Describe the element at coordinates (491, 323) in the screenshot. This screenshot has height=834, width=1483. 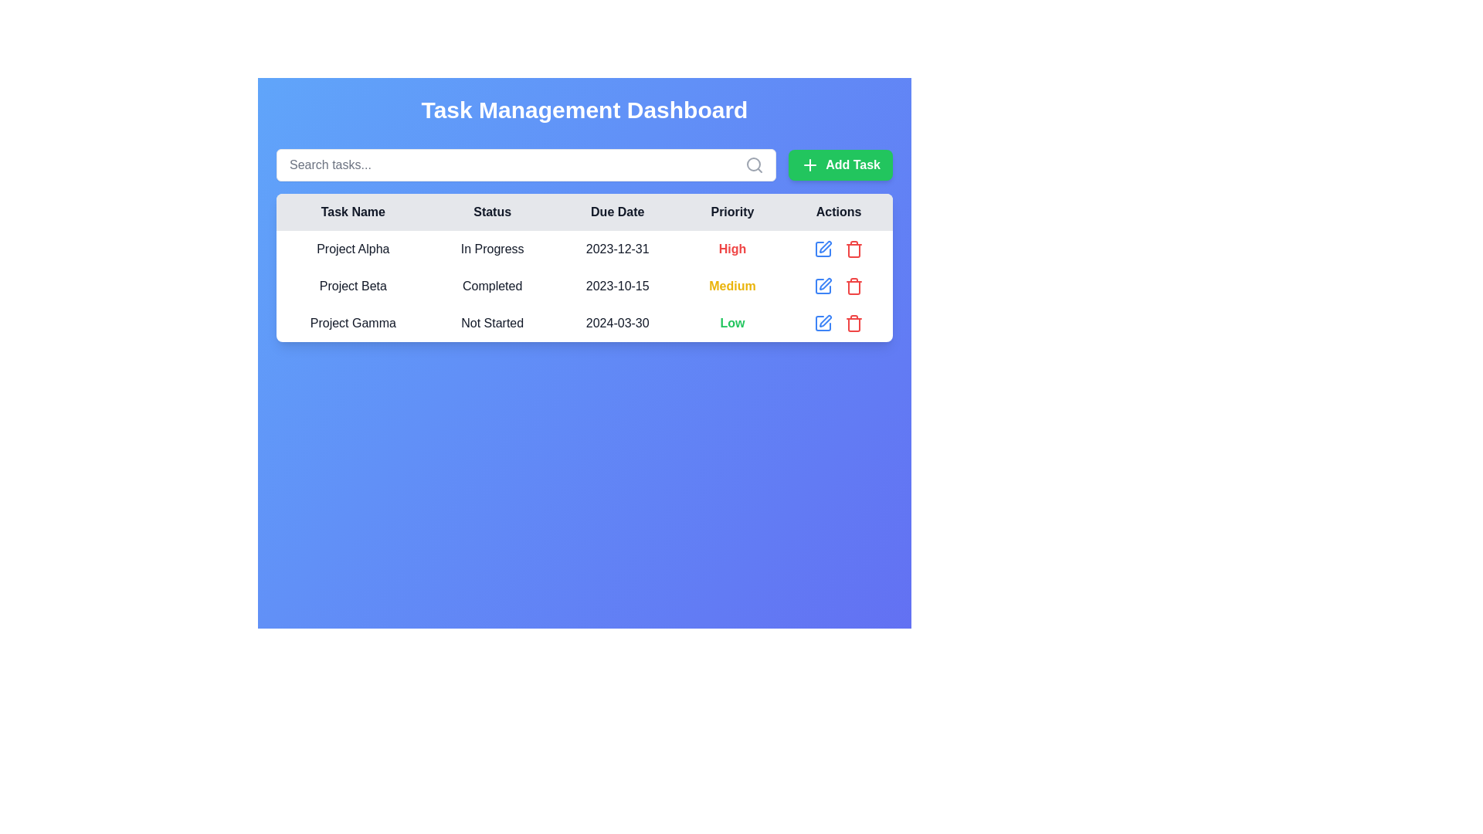
I see `the static text label indicating the status of 'Project Gamma', located in the 'Status' column of the table` at that location.